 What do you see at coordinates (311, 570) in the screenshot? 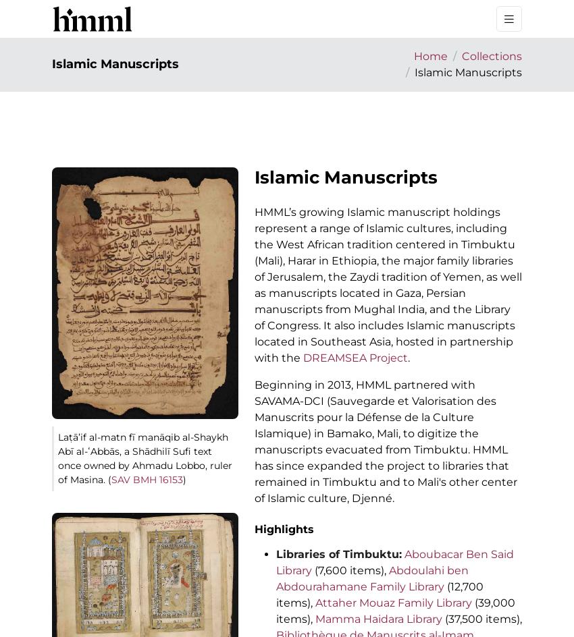
I see `'(7,600 items),'` at bounding box center [311, 570].